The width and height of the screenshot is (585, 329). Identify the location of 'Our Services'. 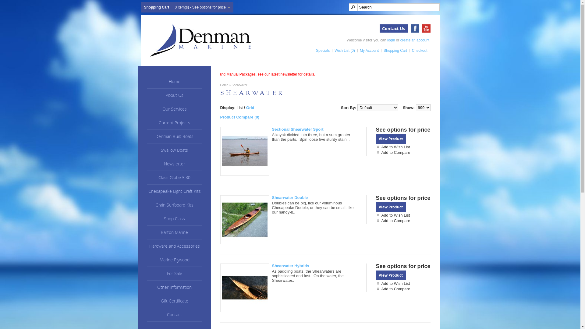
(174, 109).